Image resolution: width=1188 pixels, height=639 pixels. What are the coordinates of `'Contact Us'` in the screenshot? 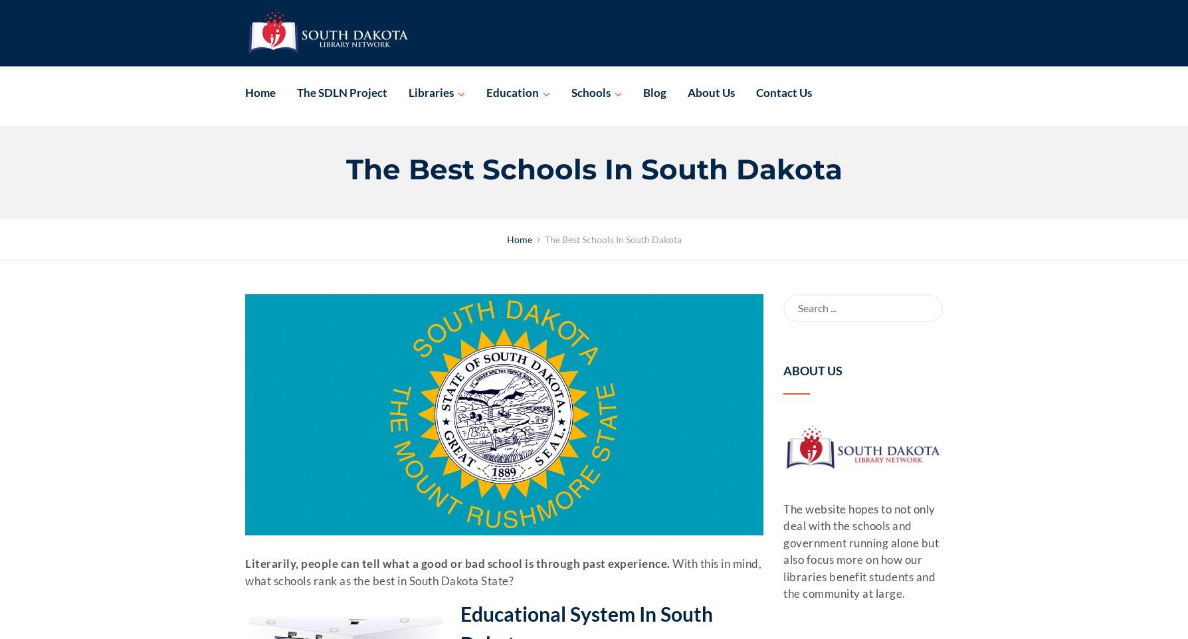 It's located at (783, 92).